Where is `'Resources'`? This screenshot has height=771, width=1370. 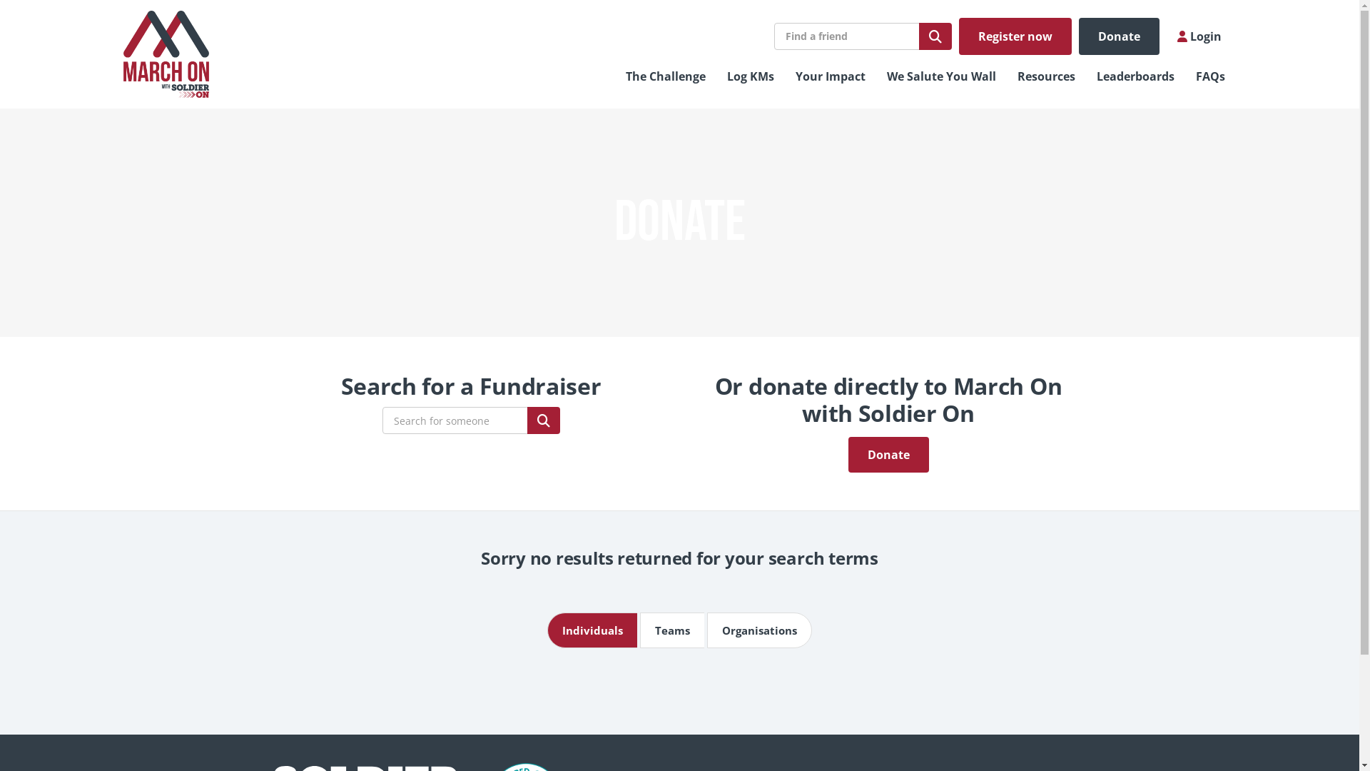 'Resources' is located at coordinates (1046, 76).